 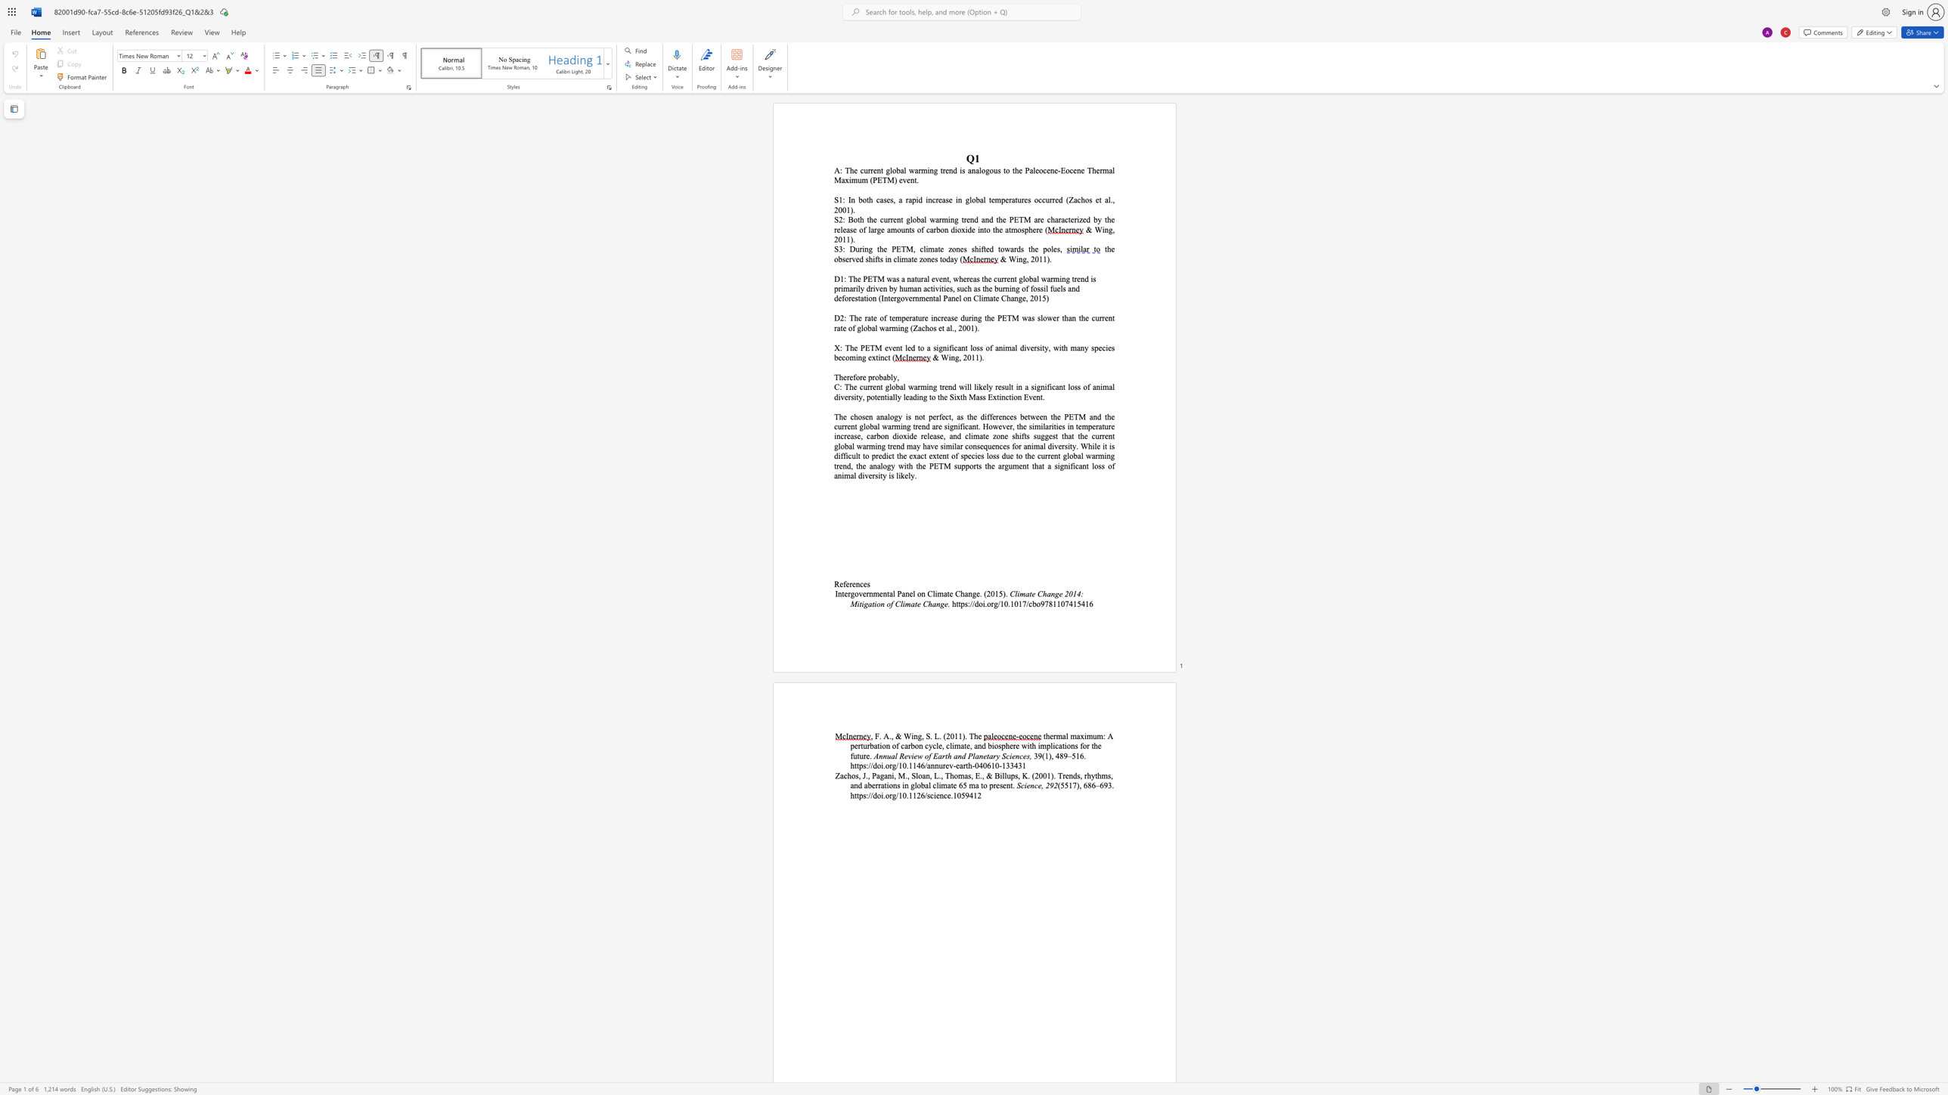 I want to click on the 2th character "w" in the text, so click(x=961, y=386).